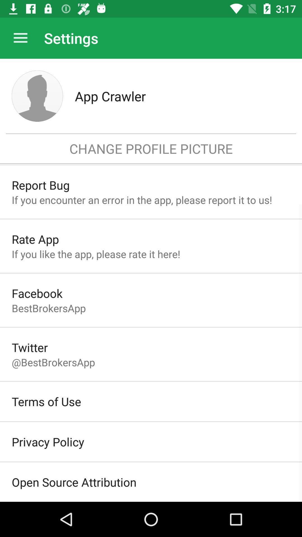 This screenshot has width=302, height=537. Describe the element at coordinates (37, 96) in the screenshot. I see `the avatar icon` at that location.